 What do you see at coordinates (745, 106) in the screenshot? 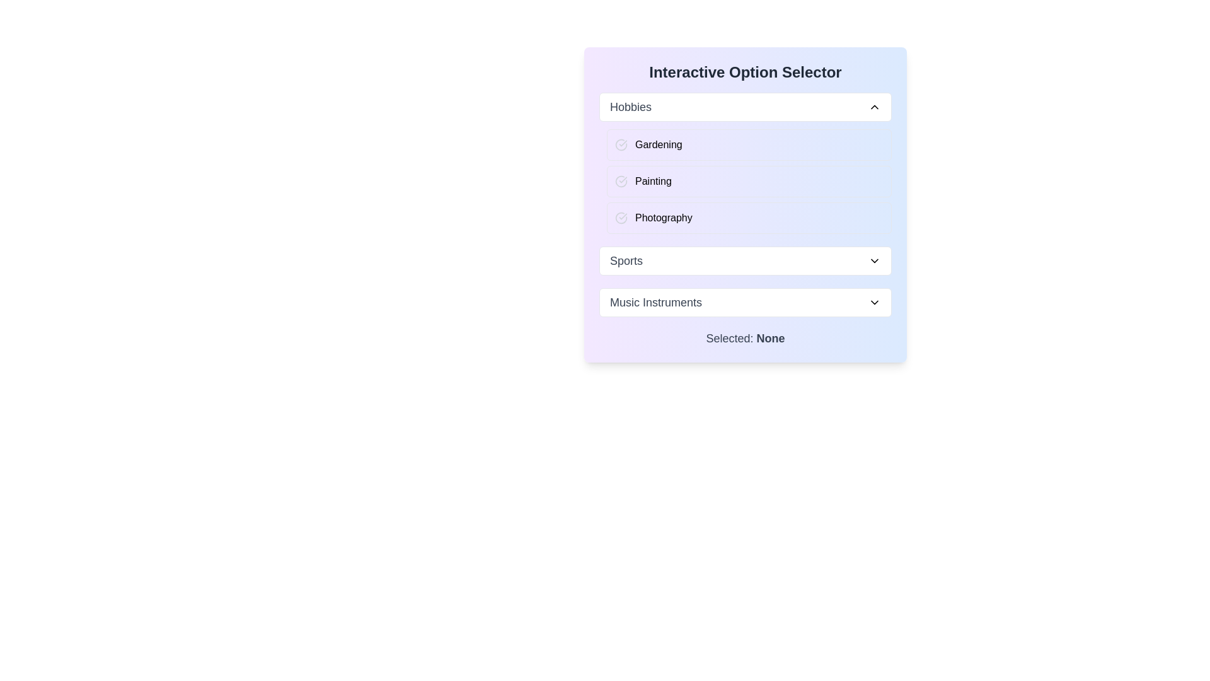
I see `the dropdown menu trigger for hobbies selection by navigating through tabbing` at bounding box center [745, 106].